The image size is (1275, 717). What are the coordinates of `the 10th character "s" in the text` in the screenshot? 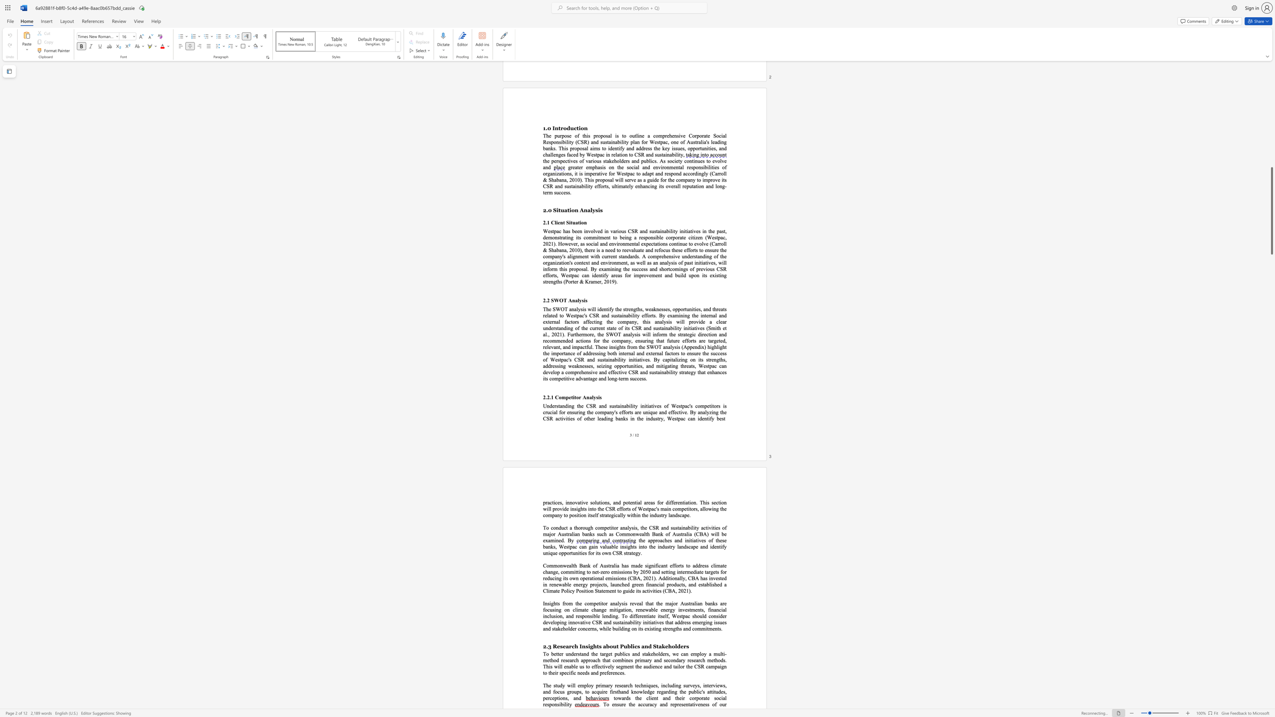 It's located at (588, 672).